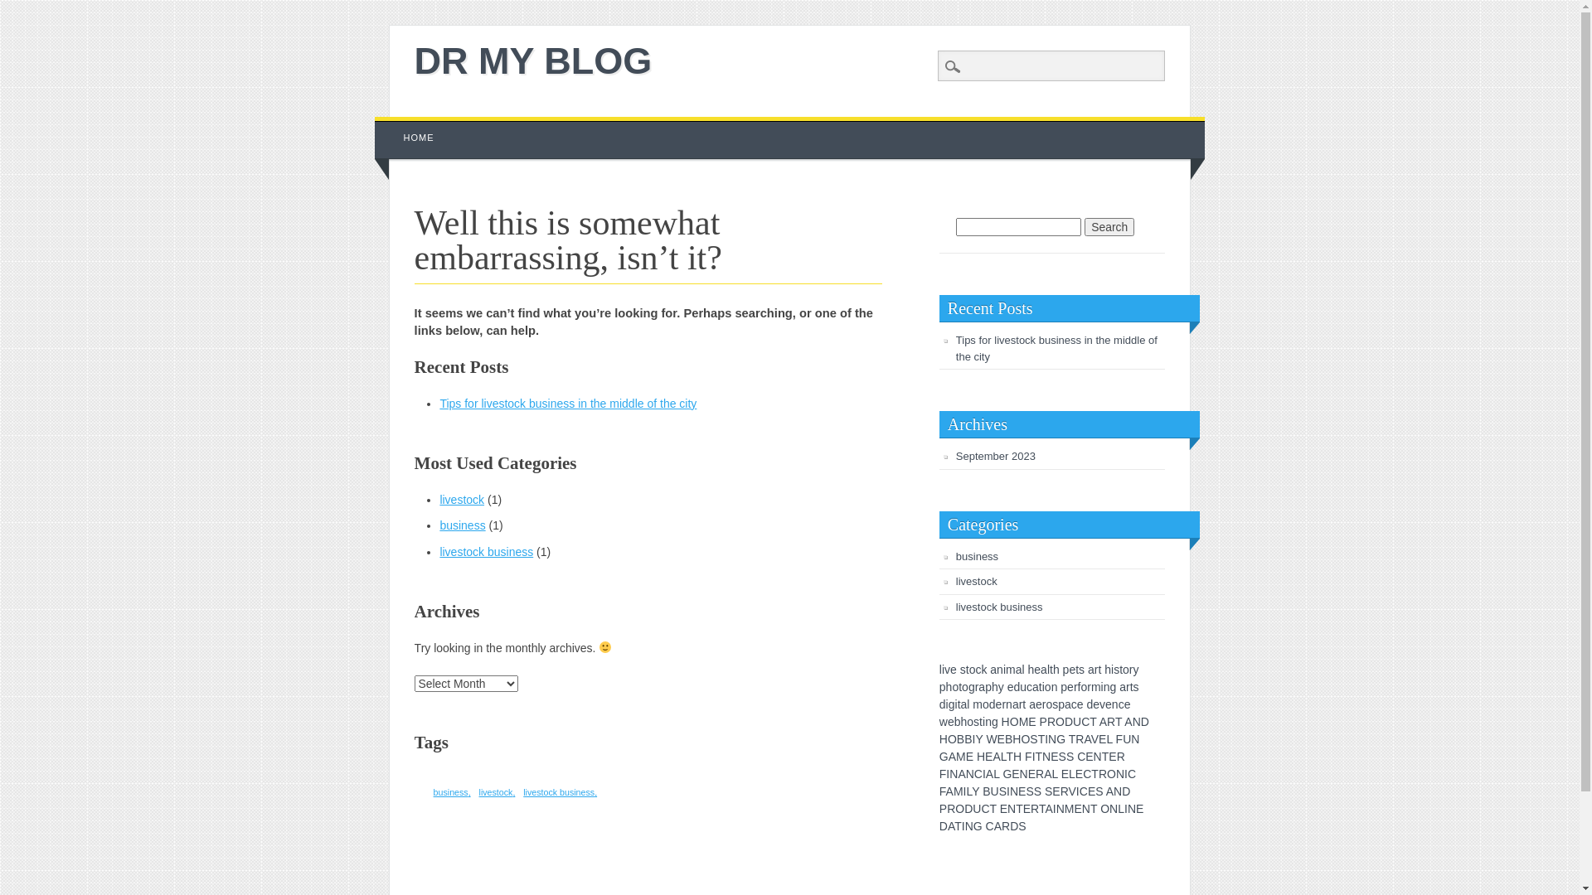 This screenshot has width=1592, height=895. I want to click on 'T', so click(993, 807).